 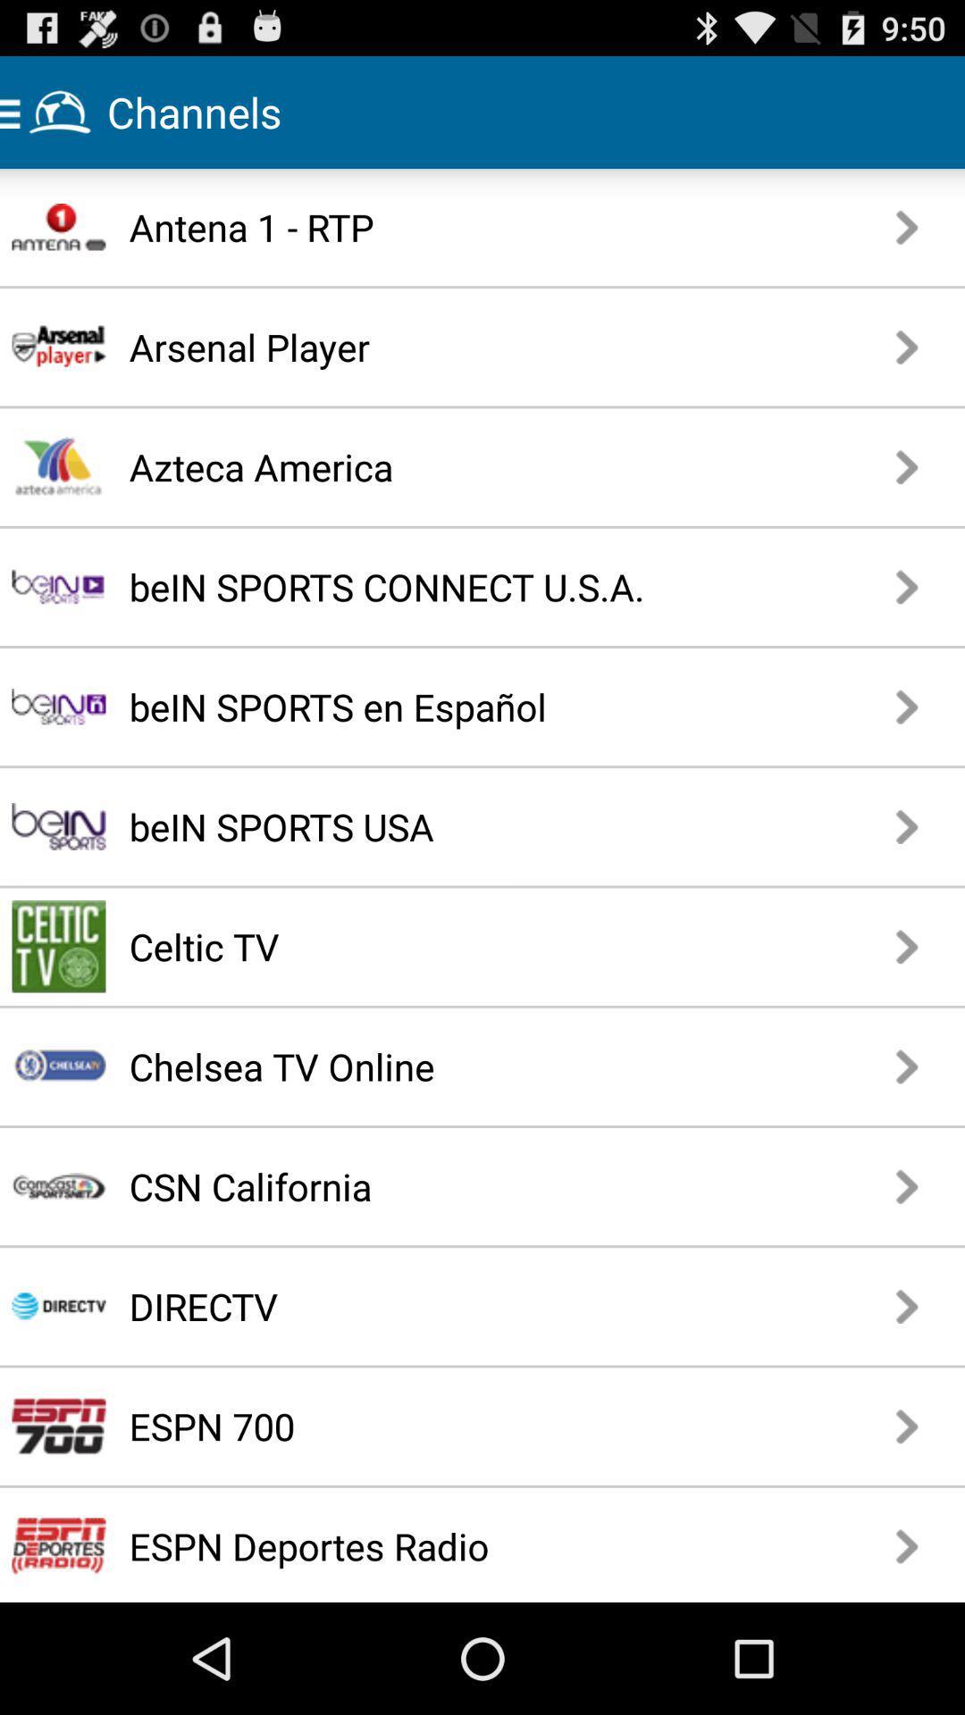 What do you see at coordinates (449, 1545) in the screenshot?
I see `the espn deportes radio icon` at bounding box center [449, 1545].